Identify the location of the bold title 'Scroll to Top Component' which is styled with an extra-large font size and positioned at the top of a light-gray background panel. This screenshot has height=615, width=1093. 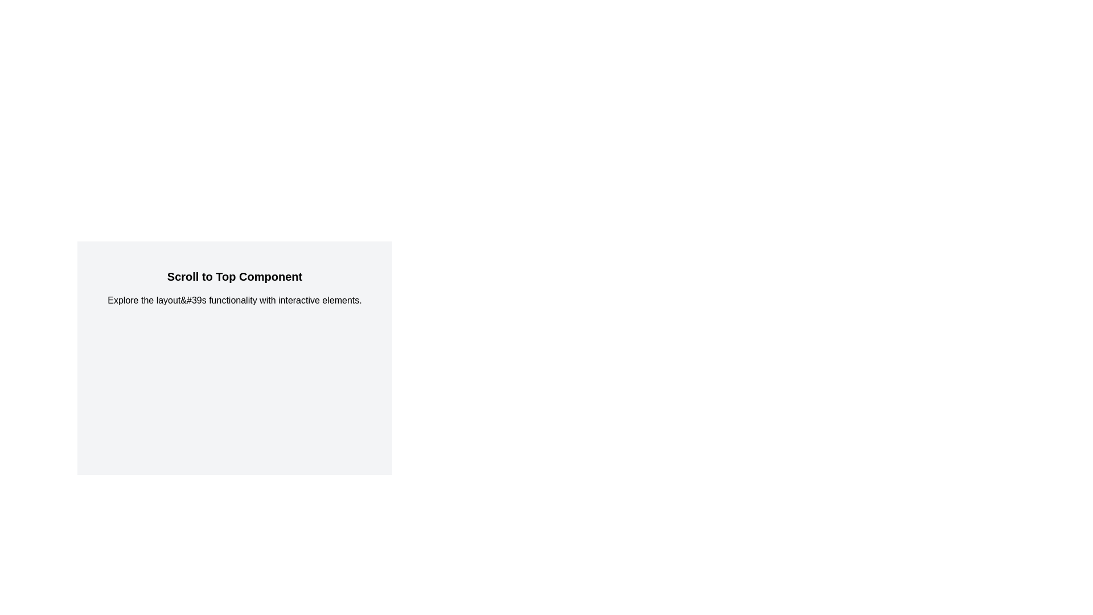
(234, 277).